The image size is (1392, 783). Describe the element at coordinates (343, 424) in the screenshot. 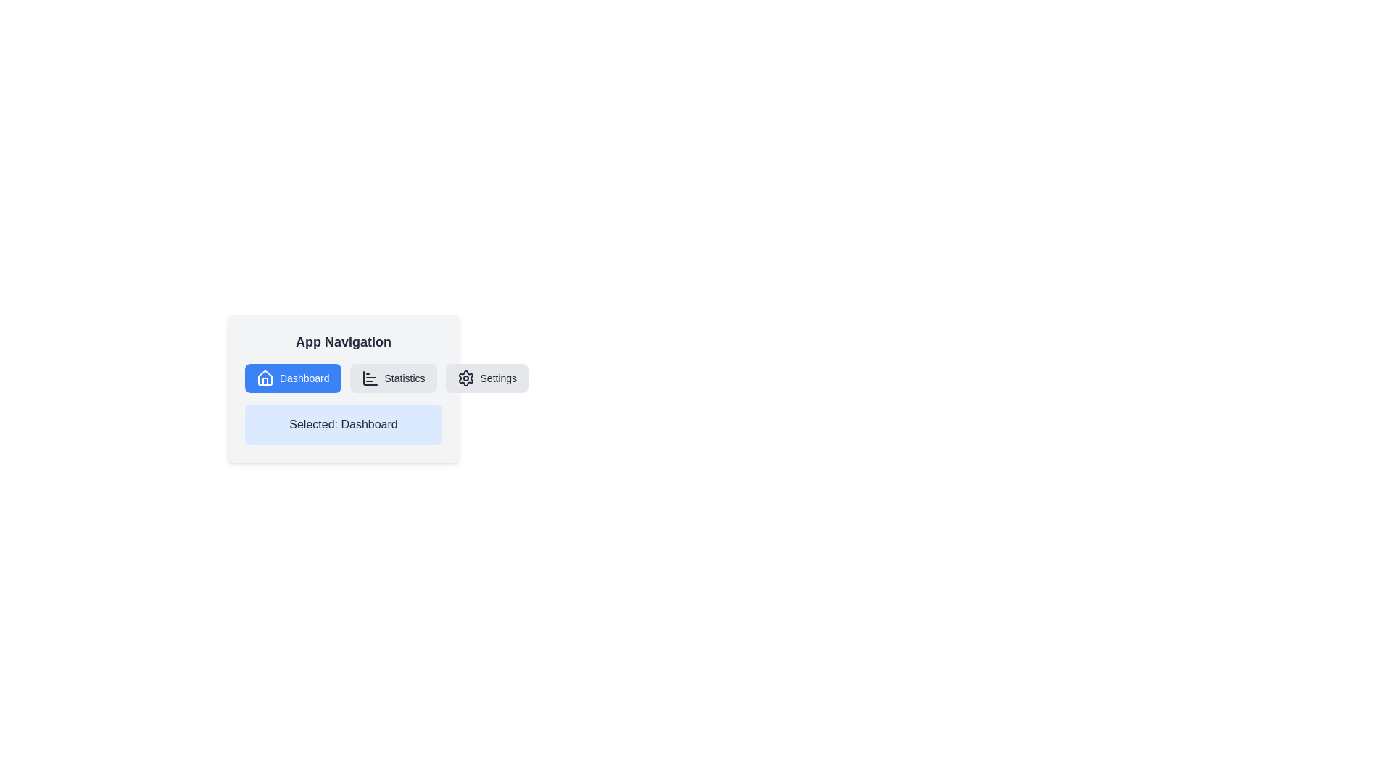

I see `the text label displaying 'Selected: Dashboard' which is in medium-weight gray font, located within a rounded light blue rectangle in the navigation panel` at that location.